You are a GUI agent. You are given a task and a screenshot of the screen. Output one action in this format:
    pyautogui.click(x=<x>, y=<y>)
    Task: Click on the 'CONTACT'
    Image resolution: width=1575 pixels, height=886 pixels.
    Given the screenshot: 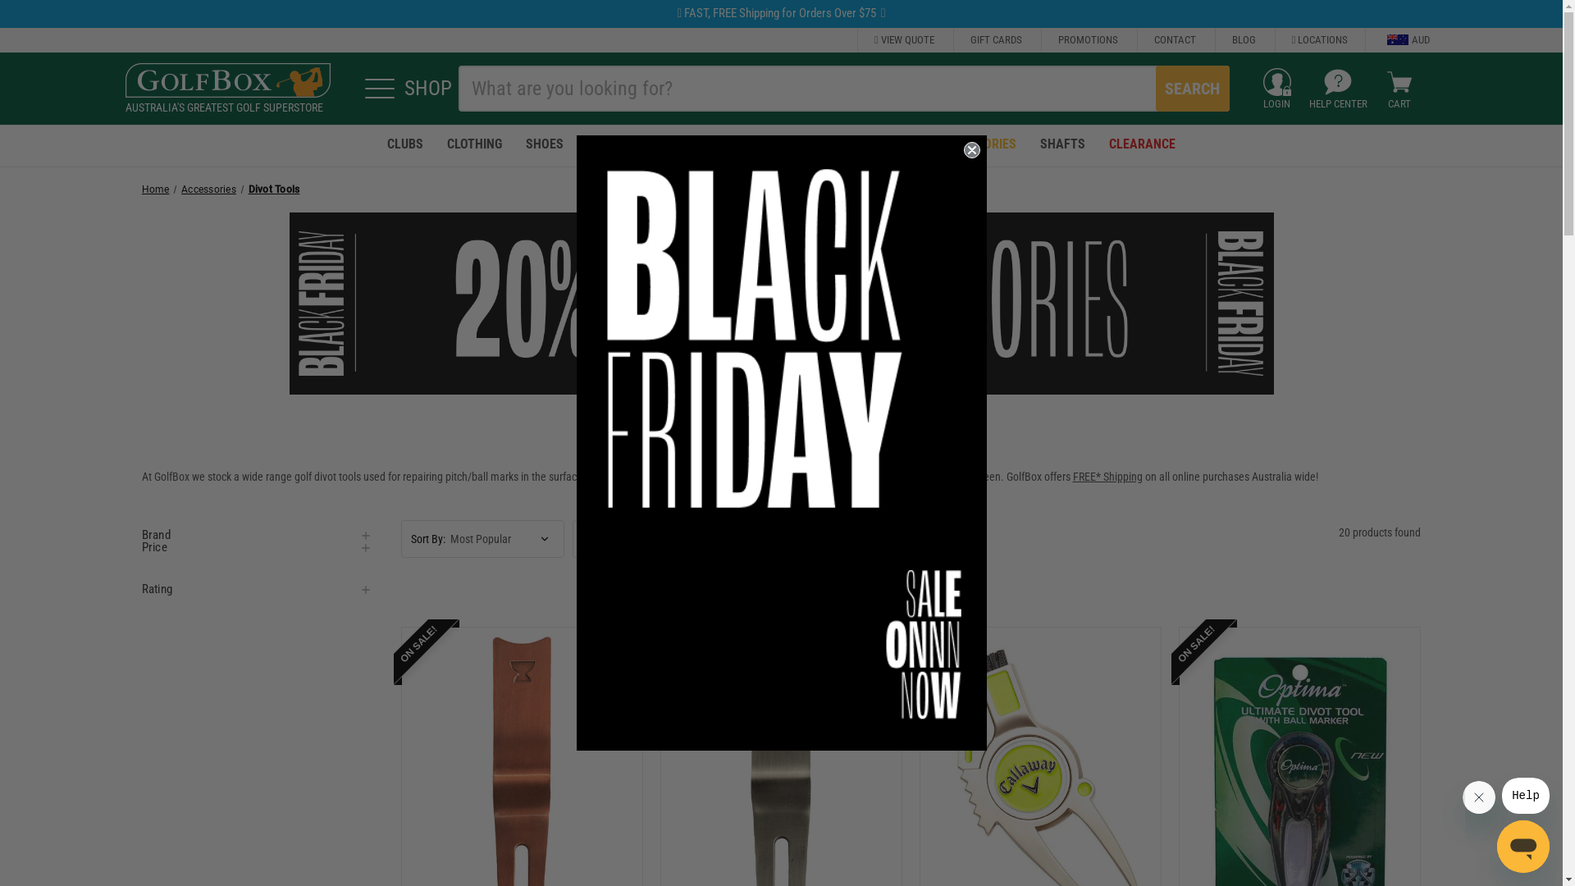 What is the action you would take?
    pyautogui.click(x=1174, y=39)
    